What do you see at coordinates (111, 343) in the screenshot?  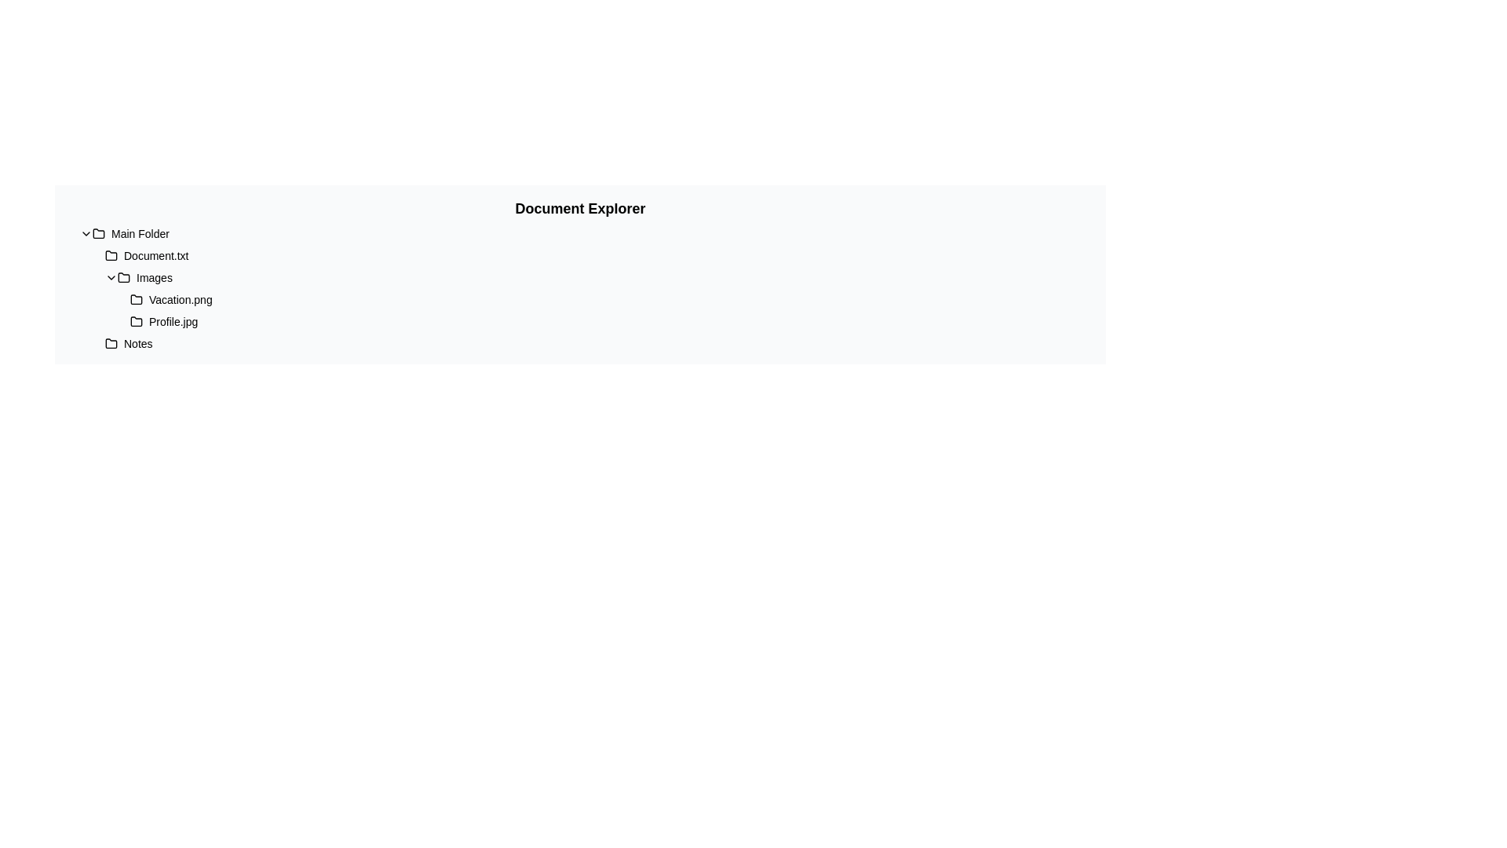 I see `the folder icon representing the 'Notes' section in the navigation menu, located to the left of the 'Notes' label` at bounding box center [111, 343].